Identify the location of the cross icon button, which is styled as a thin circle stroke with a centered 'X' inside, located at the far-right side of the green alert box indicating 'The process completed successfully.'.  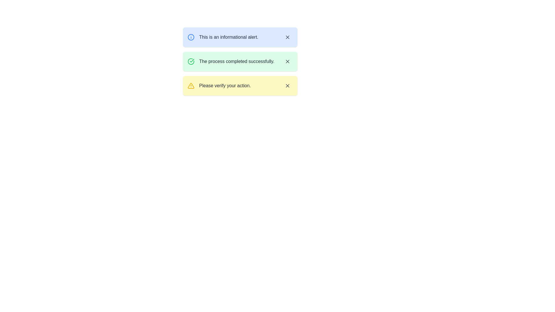
(287, 61).